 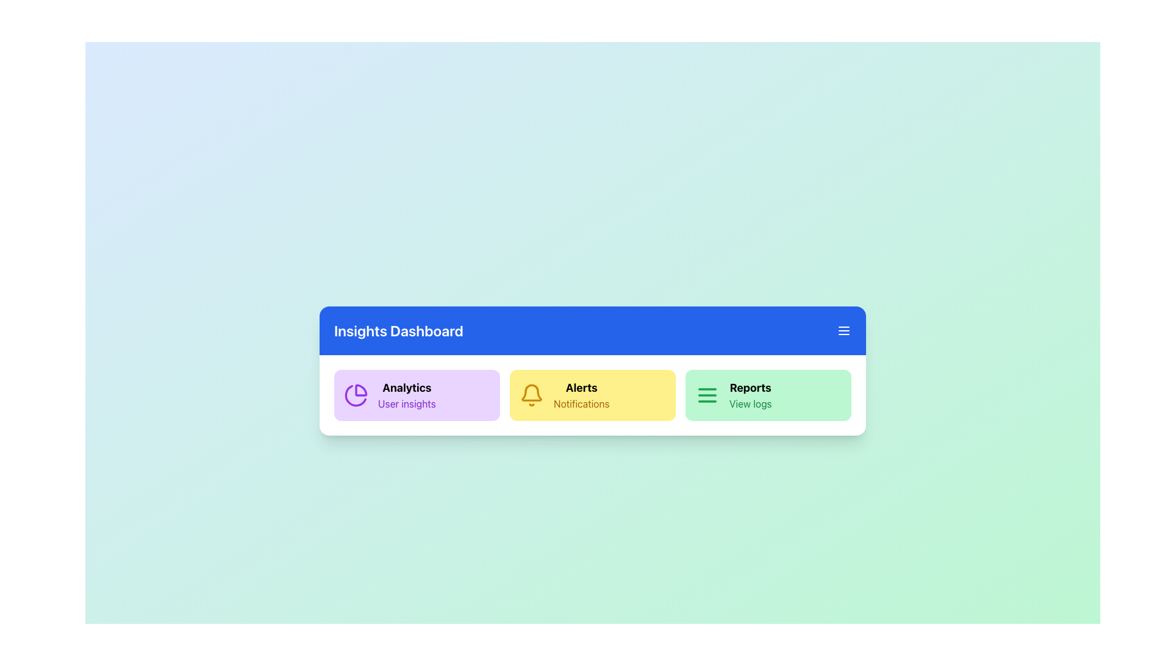 What do you see at coordinates (581, 404) in the screenshot?
I see `the 'Notifications' text label, which is displayed in a yellowish brown color below the 'Alerts' label and adjacent to the 'Analytics' and 'Reports' sections` at bounding box center [581, 404].